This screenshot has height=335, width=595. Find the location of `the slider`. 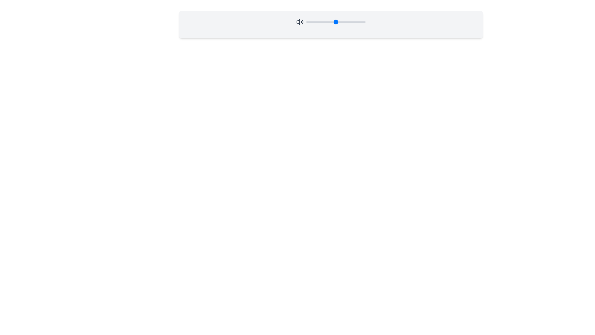

the slider is located at coordinates (314, 21).